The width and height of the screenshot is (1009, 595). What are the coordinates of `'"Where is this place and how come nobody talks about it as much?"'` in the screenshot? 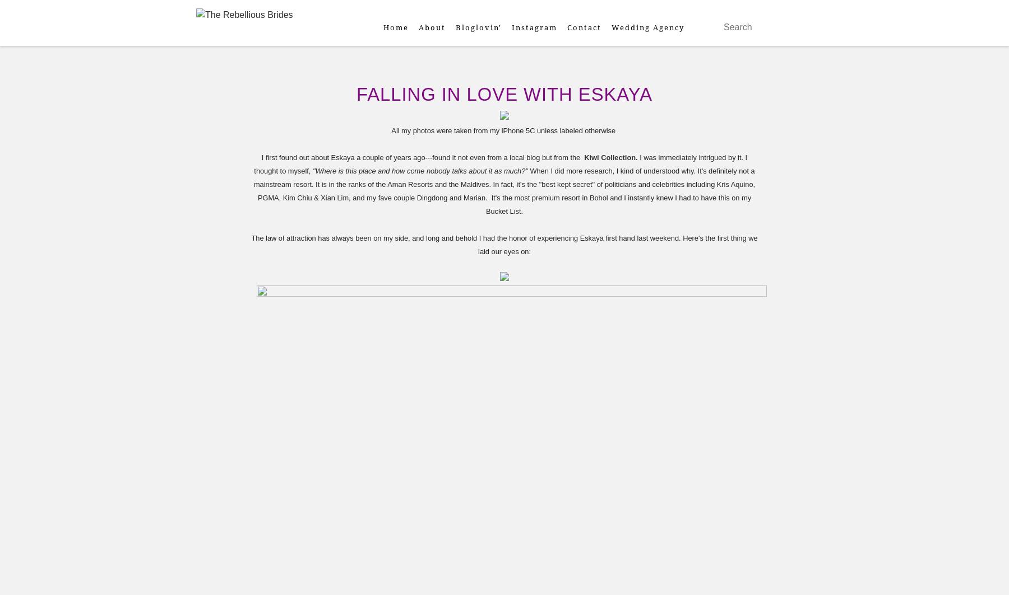 It's located at (311, 171).